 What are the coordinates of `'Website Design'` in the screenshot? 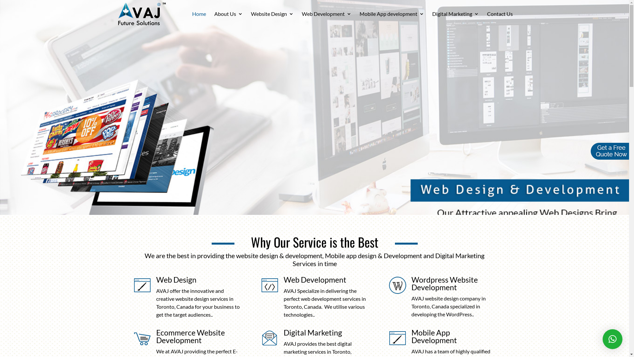 It's located at (250, 19).